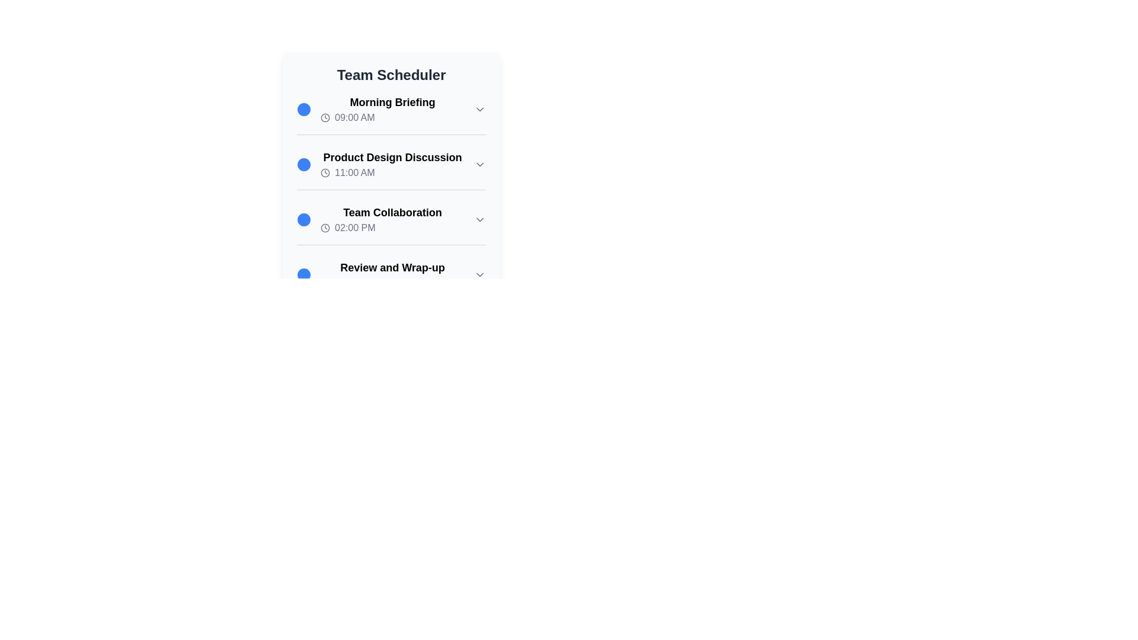 The image size is (1138, 640). What do you see at coordinates (304, 110) in the screenshot?
I see `the state of the small circular blue icon located to the left of the text 'Morning Briefing' in the first item of the list inside the 'Team Scheduler' panel` at bounding box center [304, 110].